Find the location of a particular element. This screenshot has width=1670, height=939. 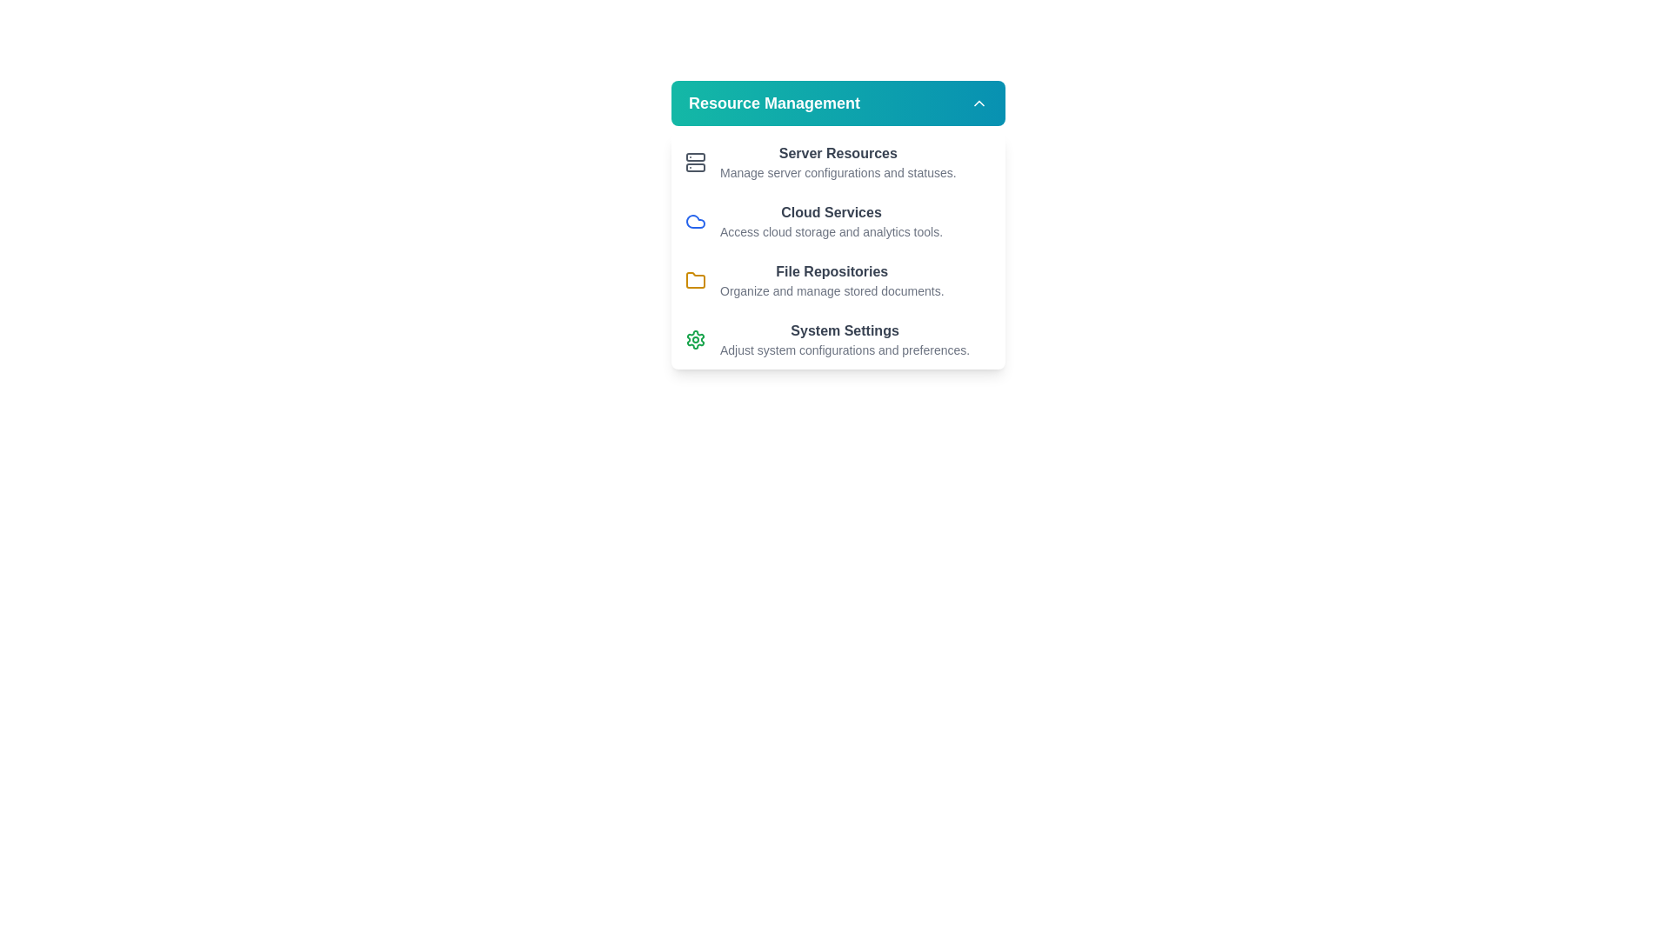

the static text providing additional information about the 'System Settings' feature, located in the bottom-right quadrant of the 'Resource Management' card section is located at coordinates (845, 350).